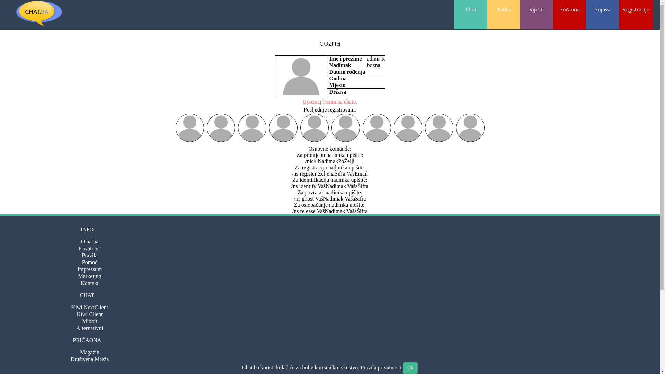 The height and width of the screenshot is (374, 665). I want to click on 'Alternativni', so click(89, 328).